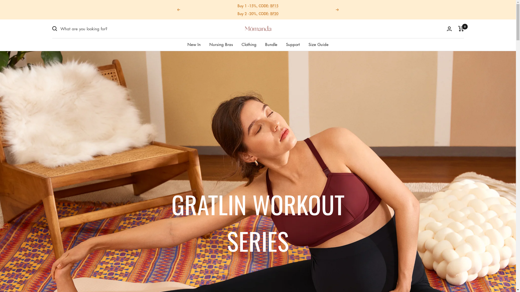  Describe the element at coordinates (178, 9) in the screenshot. I see `'Previous'` at that location.